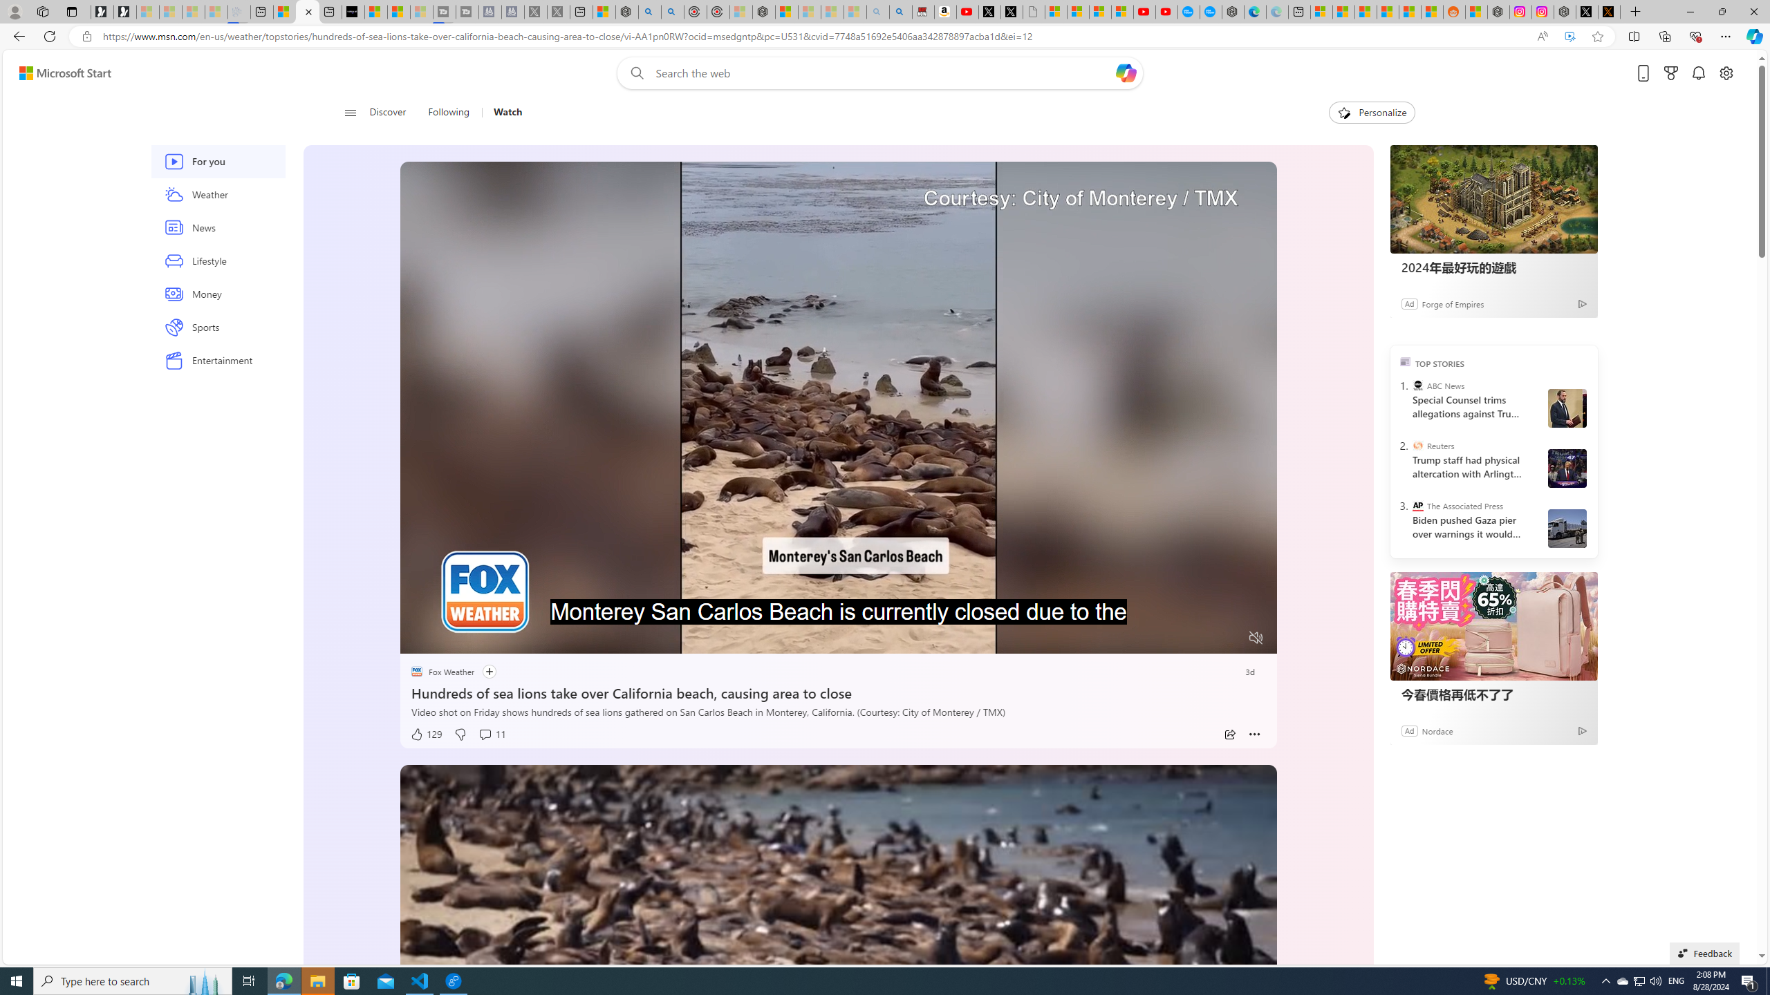 This screenshot has width=1770, height=995. I want to click on 'Seek Back', so click(447, 638).